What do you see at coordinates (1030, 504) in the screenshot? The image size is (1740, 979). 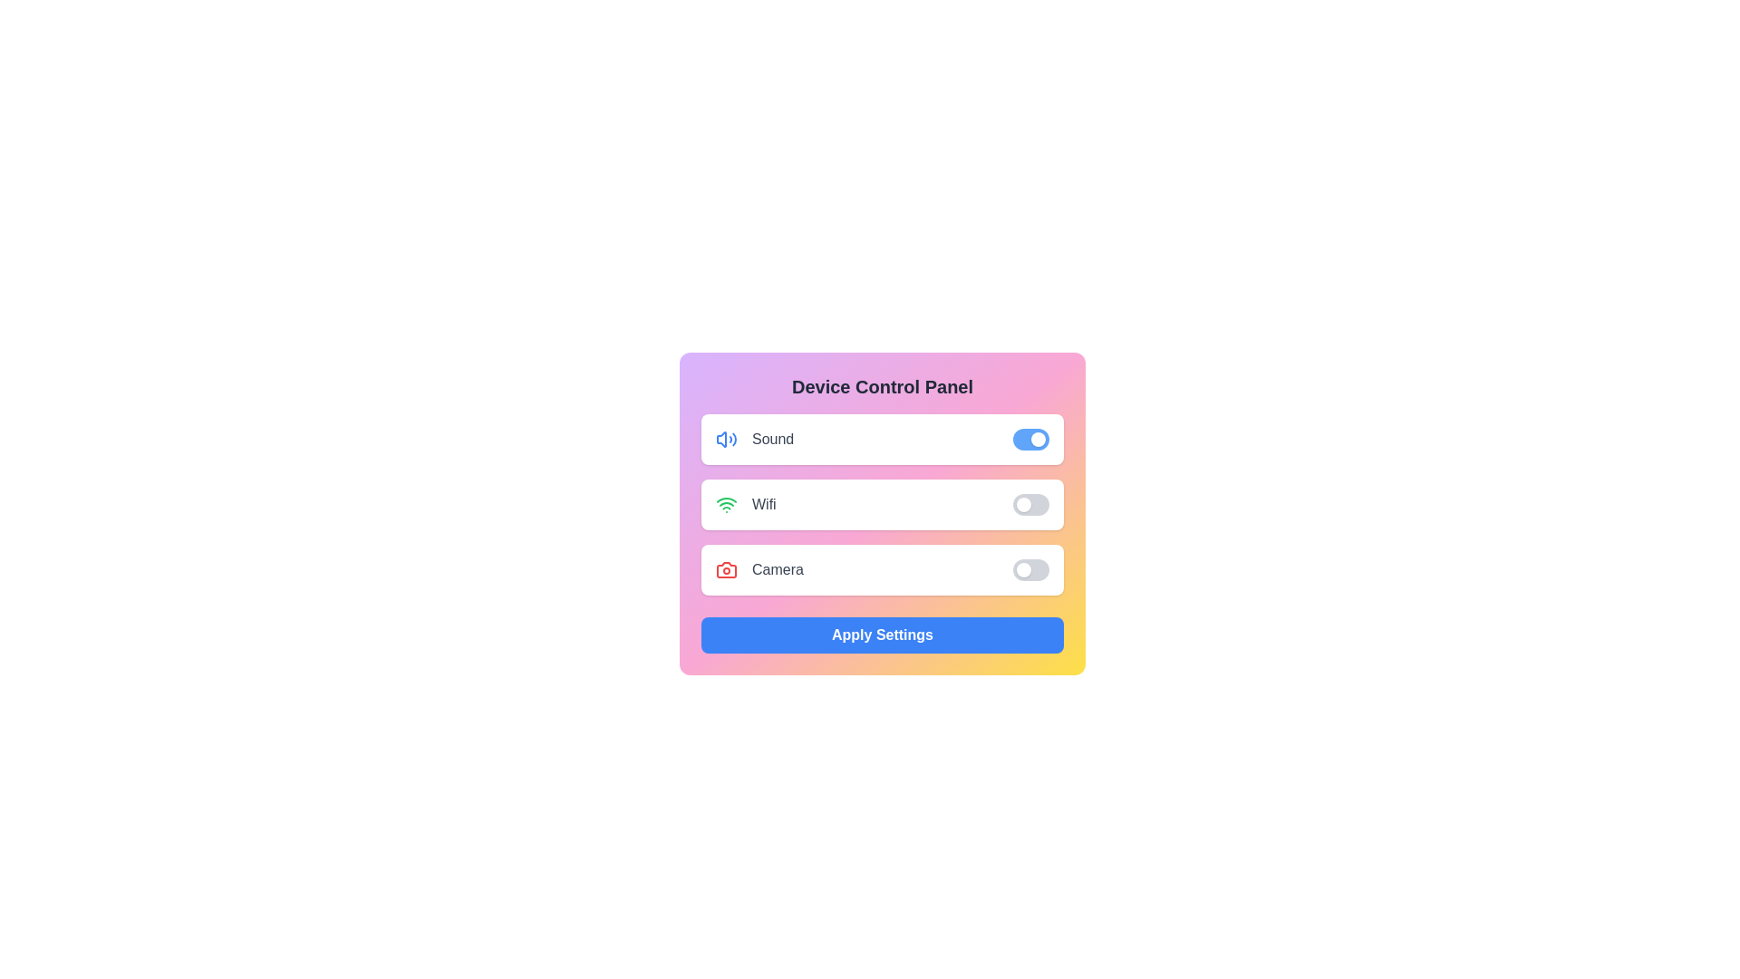 I see `the WiFi toggle switch to change its state` at bounding box center [1030, 504].